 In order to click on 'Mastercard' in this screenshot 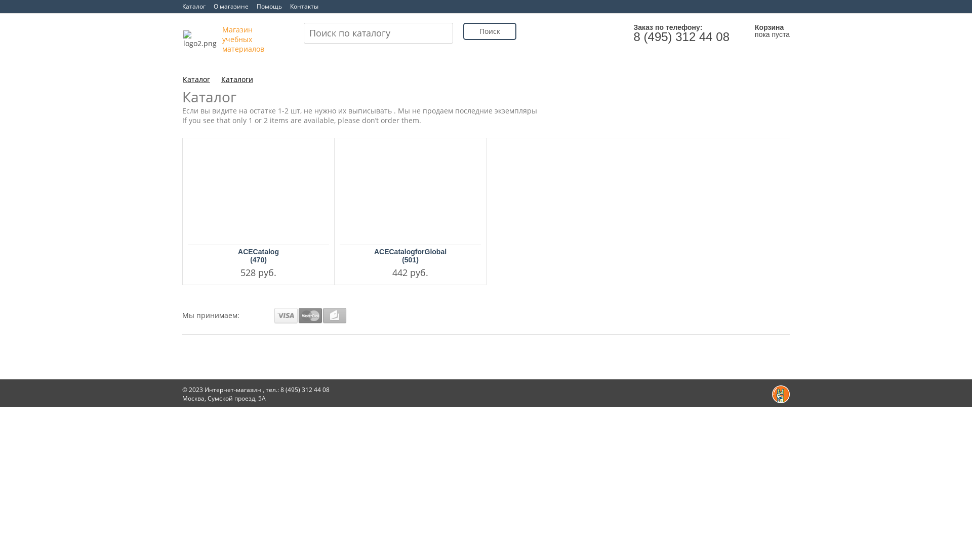, I will do `click(298, 316)`.